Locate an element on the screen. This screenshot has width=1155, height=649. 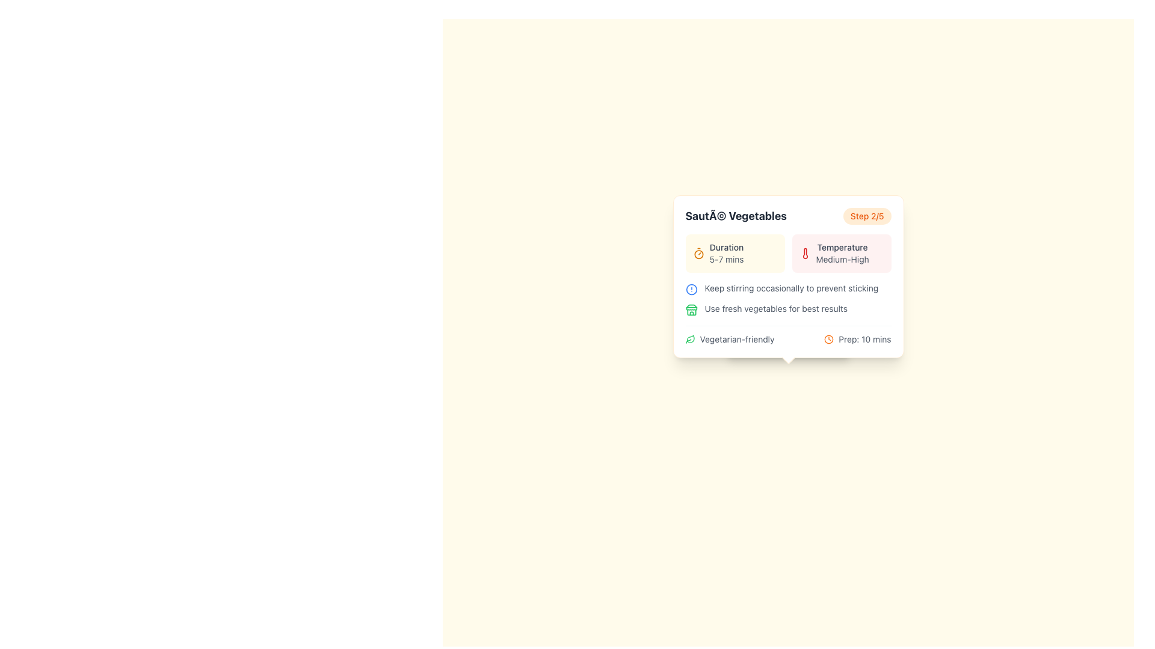
the clock icon located at the bottom-right of the recipe details box, which indicates preparation time for a recipe is located at coordinates (828, 339).